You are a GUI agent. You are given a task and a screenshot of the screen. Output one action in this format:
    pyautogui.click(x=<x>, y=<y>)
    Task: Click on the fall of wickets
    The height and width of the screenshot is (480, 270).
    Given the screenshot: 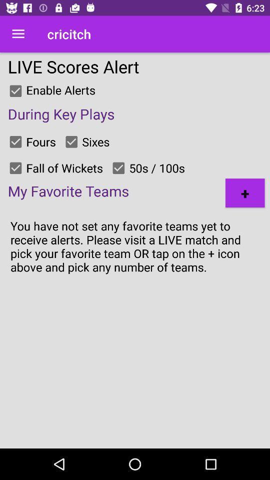 What is the action you would take?
    pyautogui.click(x=15, y=168)
    